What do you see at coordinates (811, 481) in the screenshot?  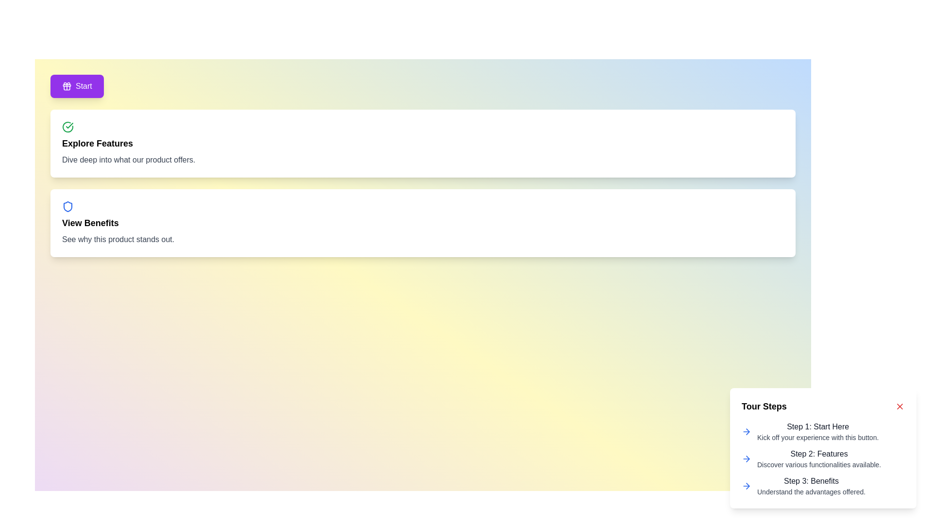 I see `the text label displaying 'Step 3: Benefits', which is part of the step guide and visually emphasized in bold dark gray font` at bounding box center [811, 481].